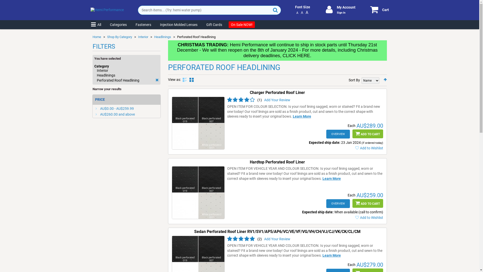 This screenshot has height=272, width=483. Describe the element at coordinates (119, 37) in the screenshot. I see `'Shop By Category'` at that location.